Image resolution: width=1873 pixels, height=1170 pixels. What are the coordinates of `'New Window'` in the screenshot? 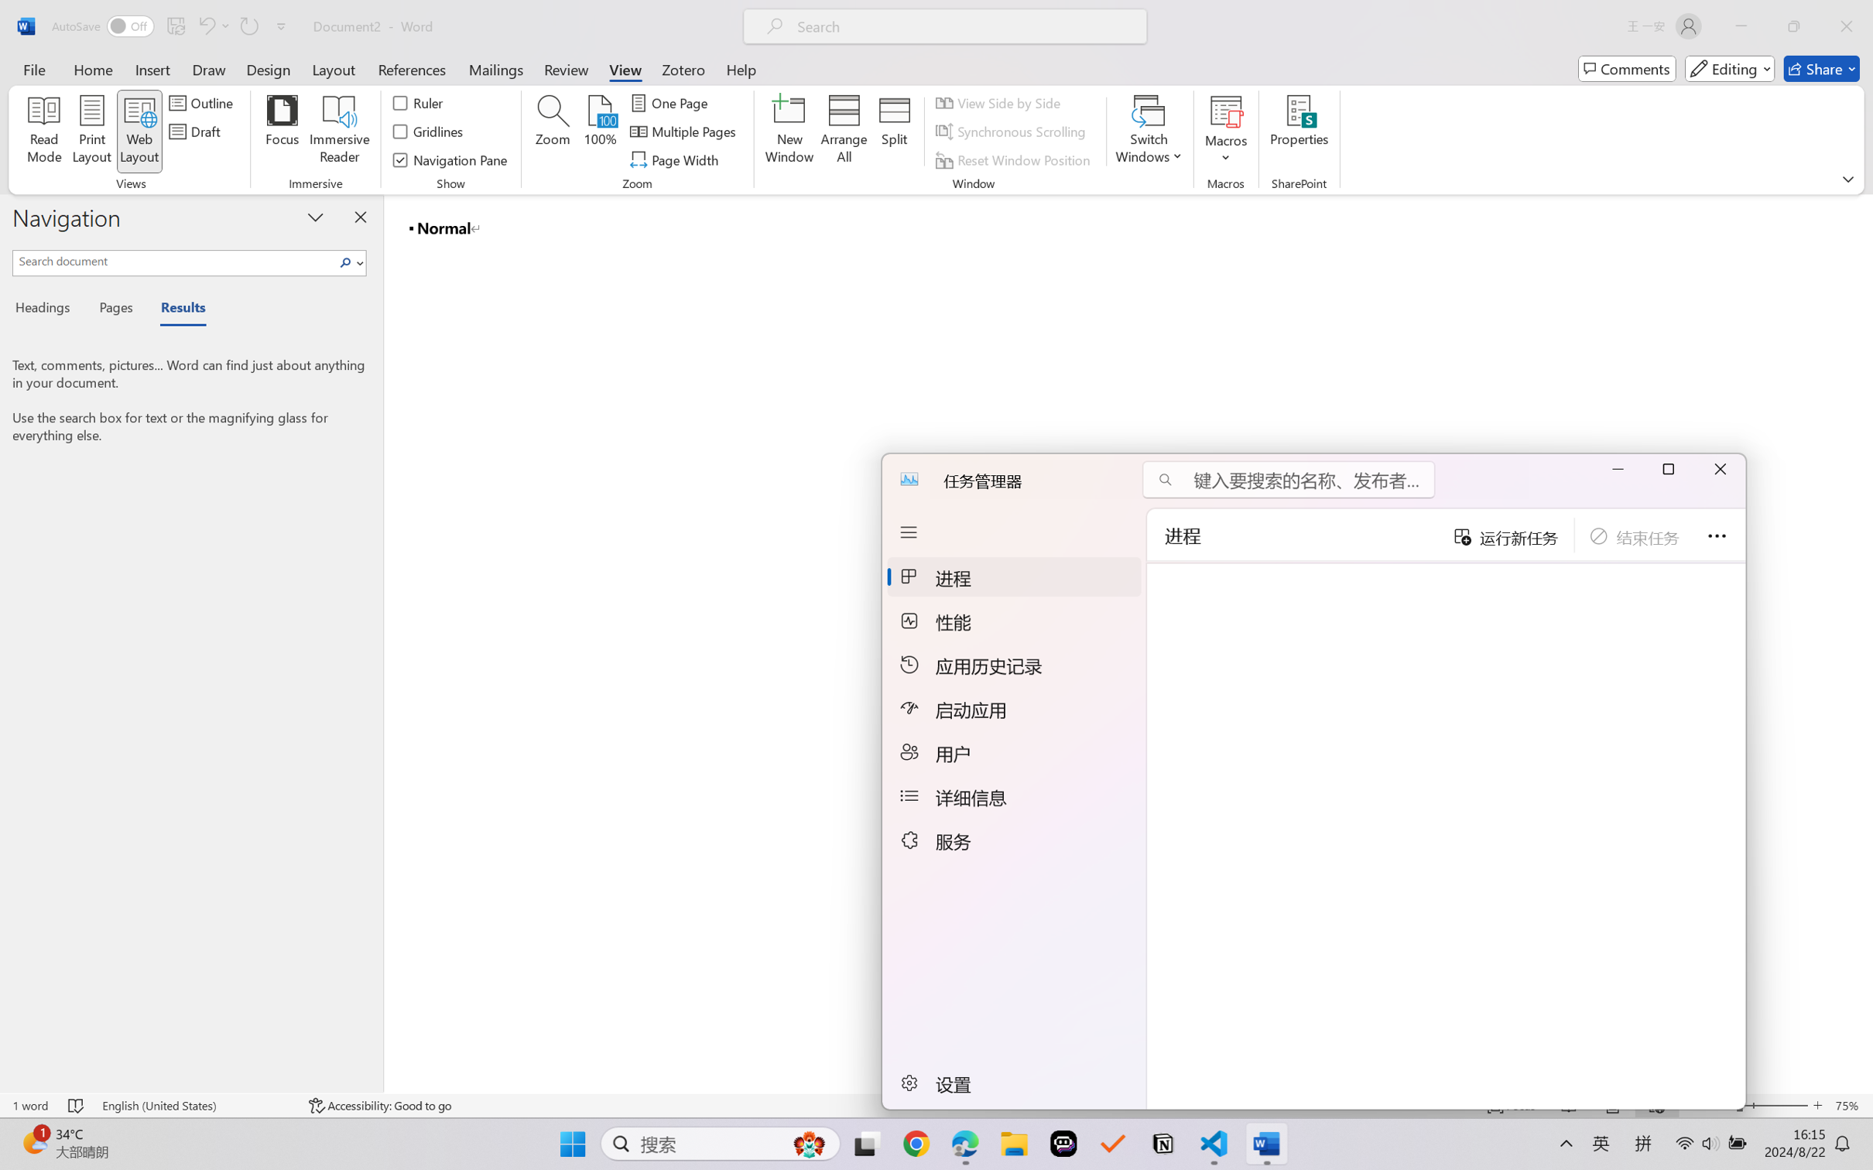 It's located at (789, 132).